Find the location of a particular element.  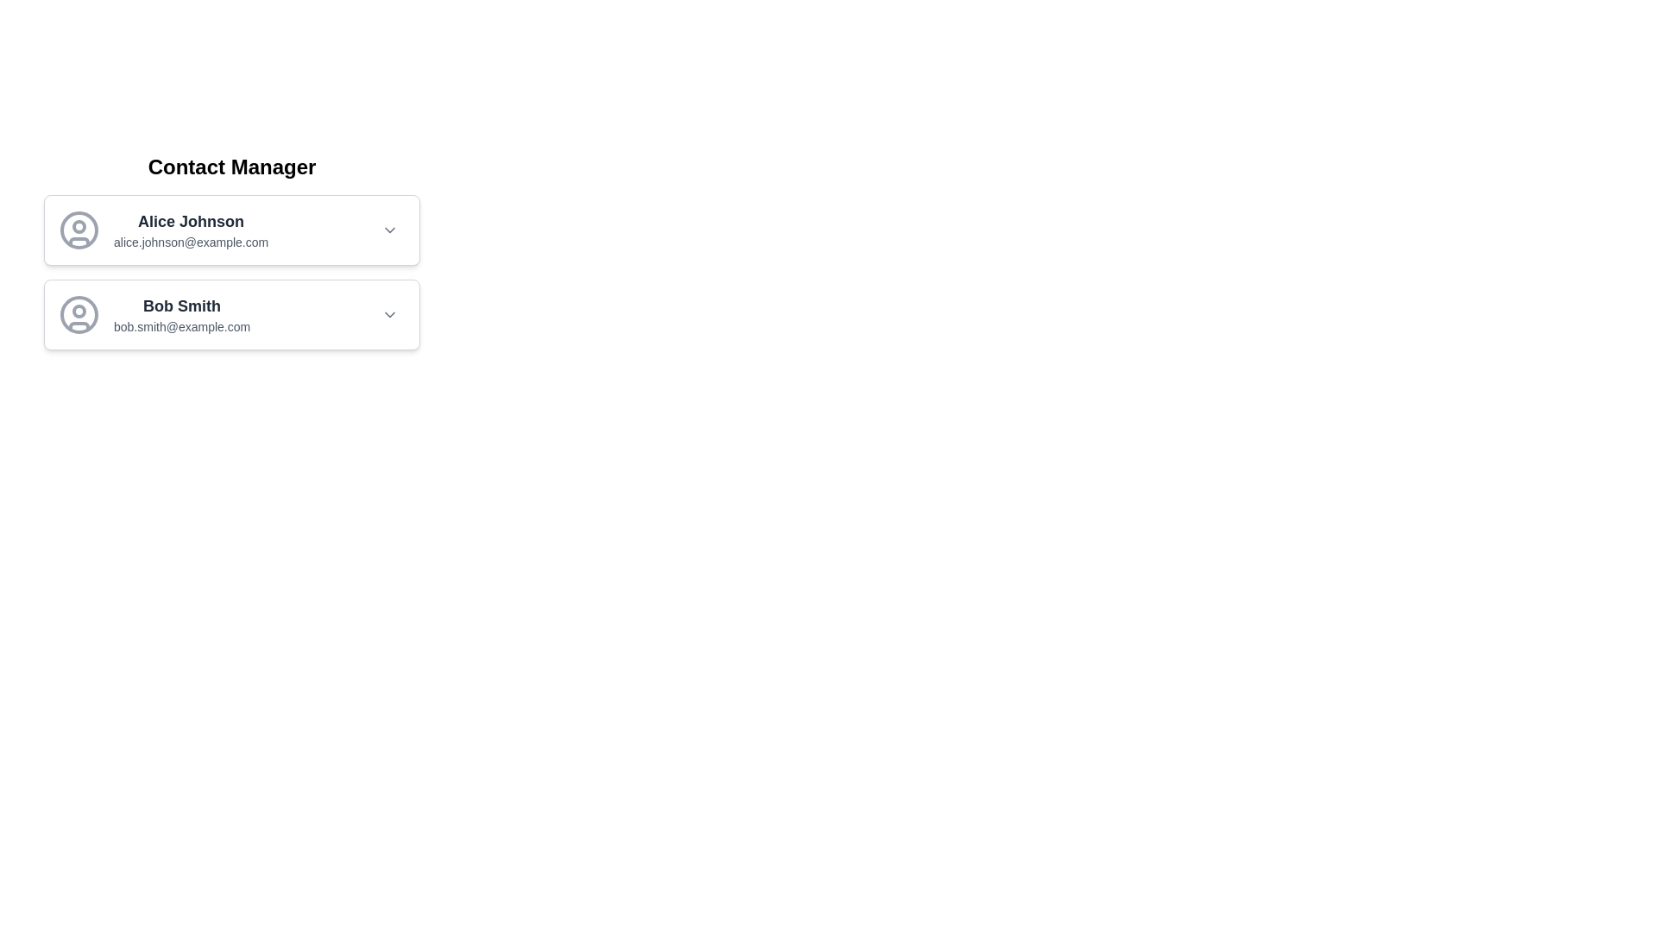

the text block group containing the name 'Alice Johnson' and the email 'alice.johnson@example.com' in the upper contact card is located at coordinates (191, 229).